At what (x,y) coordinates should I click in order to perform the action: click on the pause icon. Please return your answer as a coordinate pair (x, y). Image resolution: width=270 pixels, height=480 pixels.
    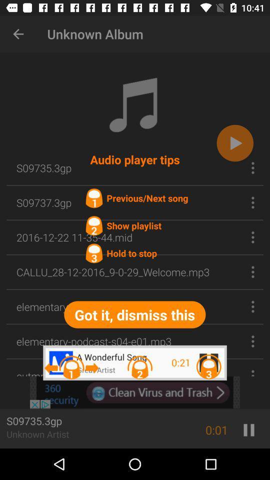
    Looking at the image, I should click on (248, 429).